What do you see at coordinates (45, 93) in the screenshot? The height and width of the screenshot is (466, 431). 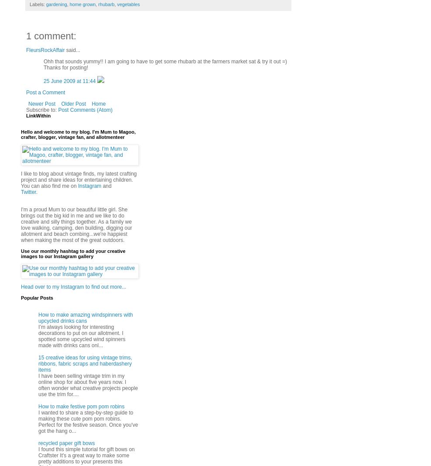 I see `'Post a Comment'` at bounding box center [45, 93].